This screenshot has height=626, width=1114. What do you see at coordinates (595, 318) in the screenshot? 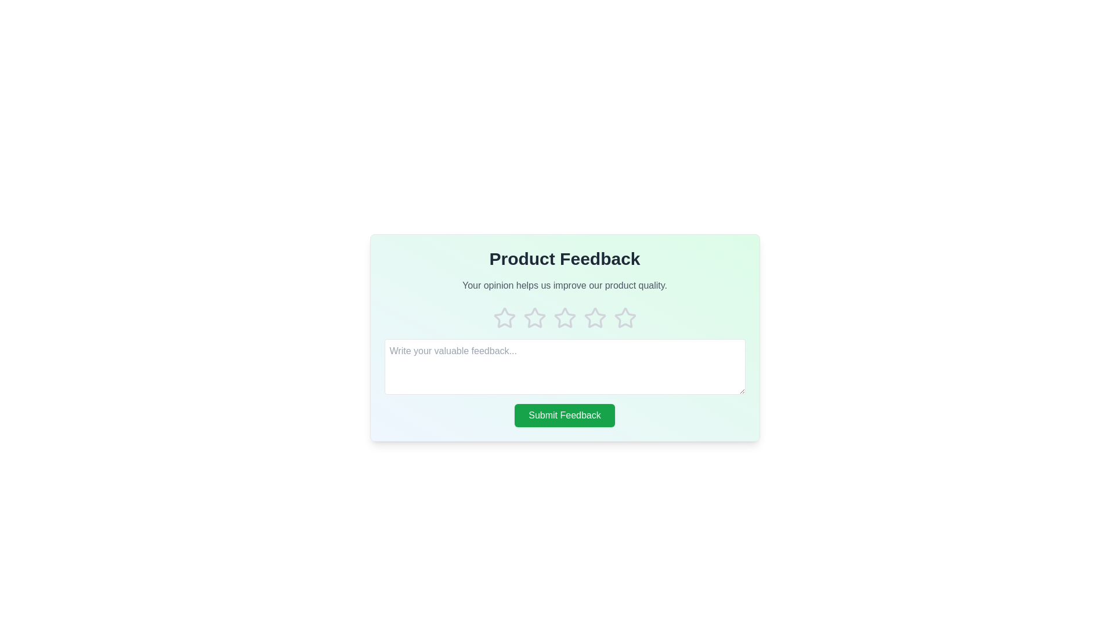
I see `the third star-shaped icon in the rating interface located below 'Product Feedback' and above the feedback text input box` at bounding box center [595, 318].